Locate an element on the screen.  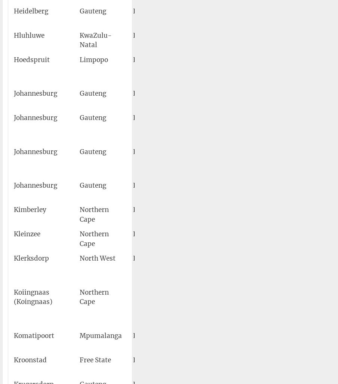
'FAGC' is located at coordinates (141, 93).